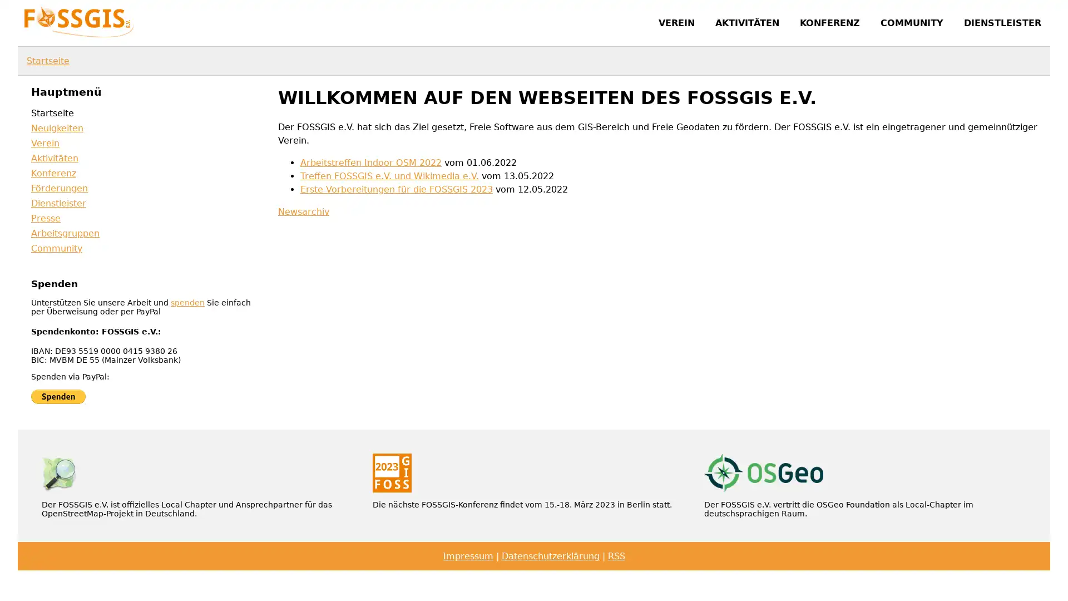 This screenshot has height=601, width=1068. Describe the element at coordinates (58, 396) in the screenshot. I see `Jetzt einfach, schnell und sicher online bezahlen mit PayPal.` at that location.